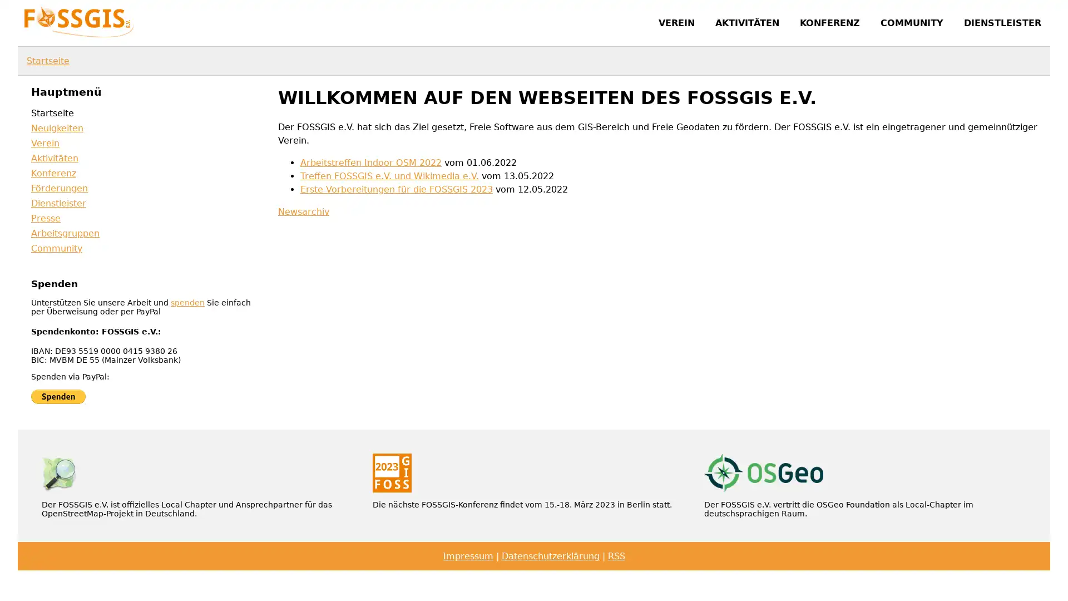 This screenshot has height=601, width=1068. Describe the element at coordinates (58, 396) in the screenshot. I see `Jetzt einfach, schnell und sicher online bezahlen mit PayPal.` at that location.